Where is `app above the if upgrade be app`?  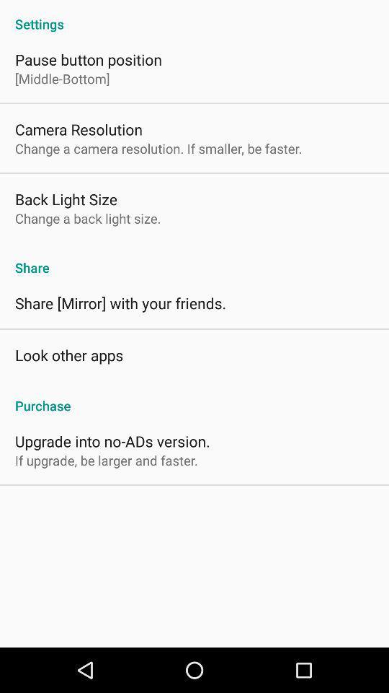 app above the if upgrade be app is located at coordinates (112, 440).